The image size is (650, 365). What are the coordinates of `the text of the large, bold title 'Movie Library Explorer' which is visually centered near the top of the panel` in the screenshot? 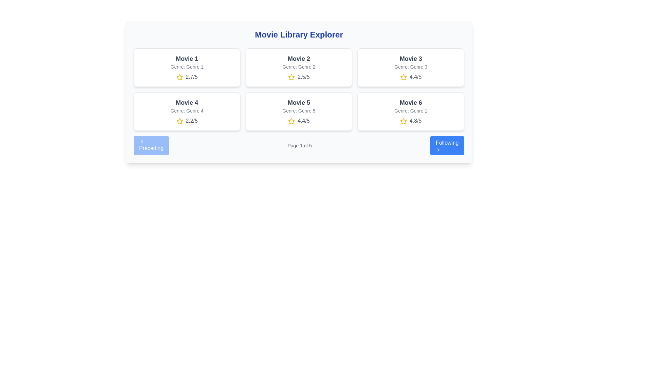 It's located at (299, 35).